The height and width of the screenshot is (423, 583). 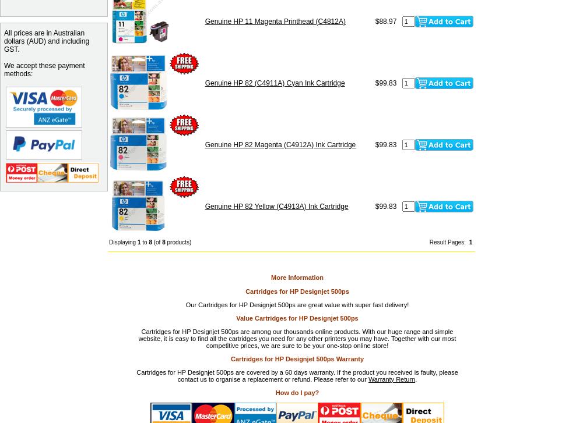 What do you see at coordinates (245, 290) in the screenshot?
I see `'Cartridges for HP Designjet 500ps'` at bounding box center [245, 290].